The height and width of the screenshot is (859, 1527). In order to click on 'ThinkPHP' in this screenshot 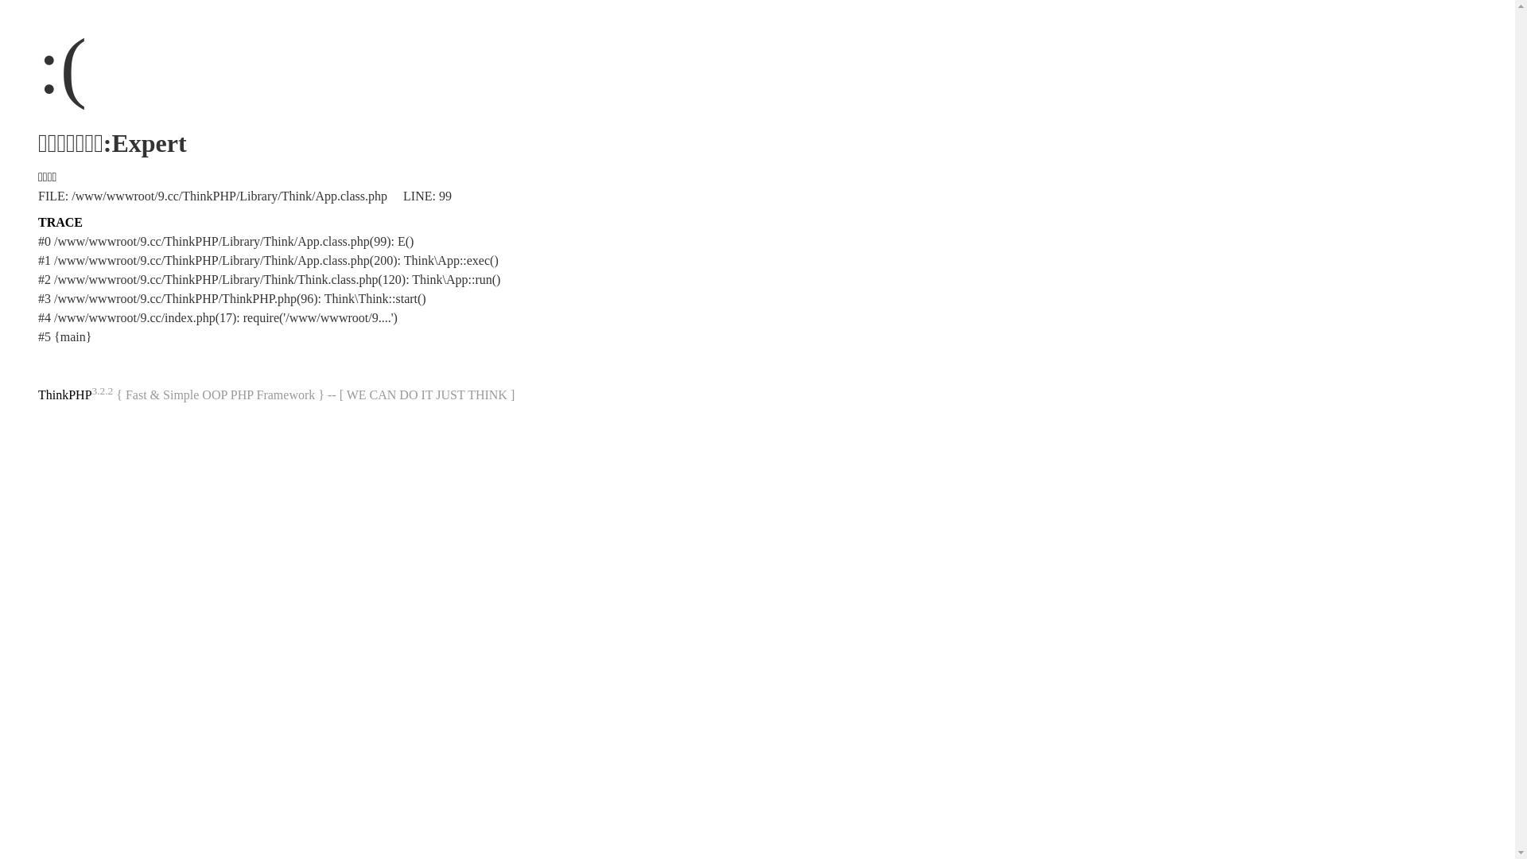, I will do `click(64, 394)`.